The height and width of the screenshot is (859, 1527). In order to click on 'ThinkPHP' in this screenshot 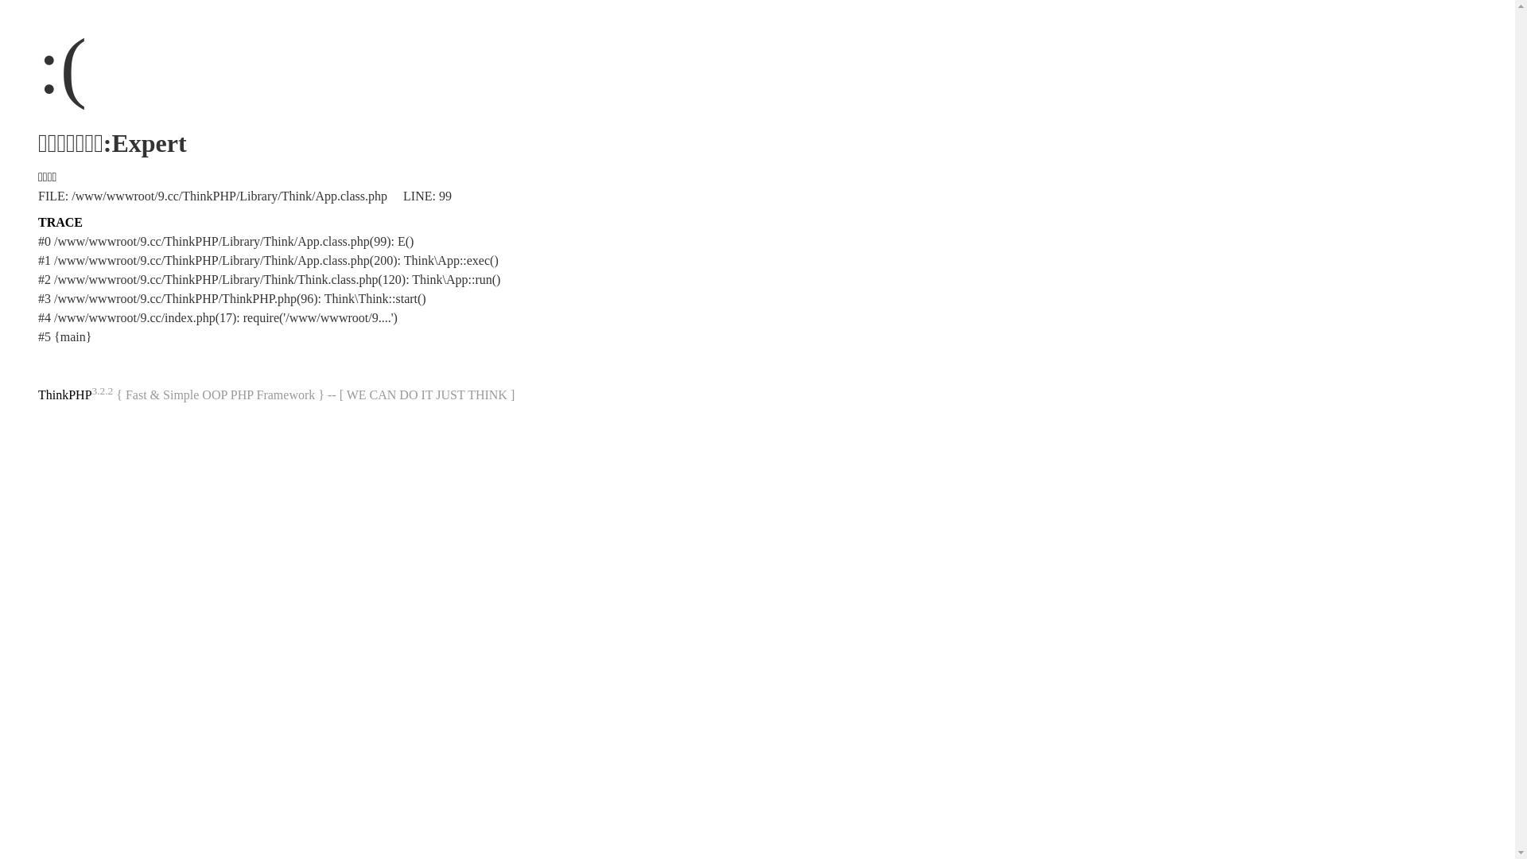, I will do `click(64, 394)`.